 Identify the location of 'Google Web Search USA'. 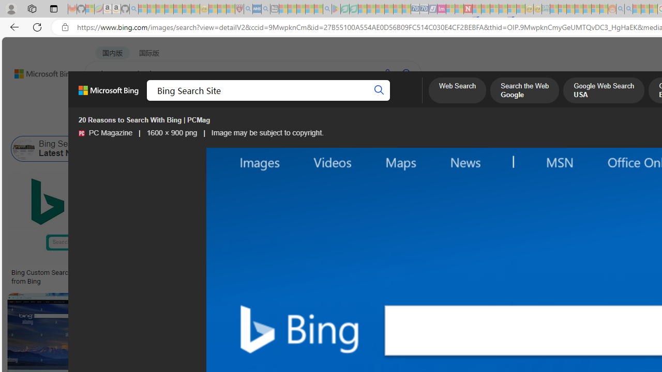
(603, 91).